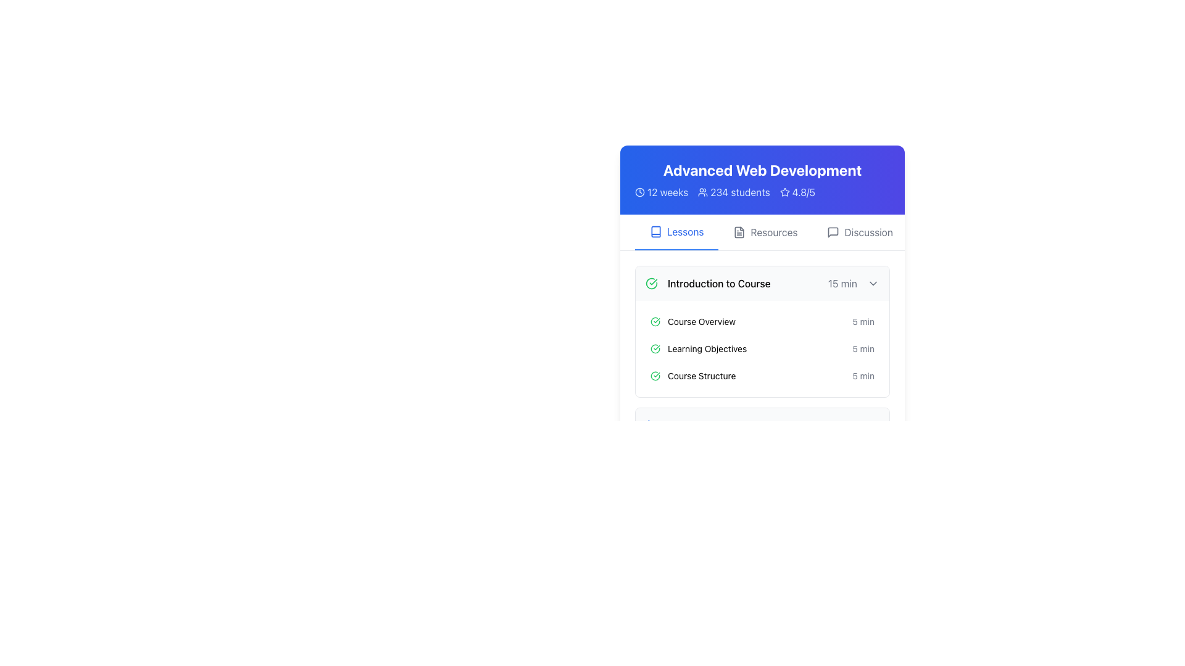  What do you see at coordinates (654, 349) in the screenshot?
I see `the green check mark SVG icon, which is styled as a circular icon with a thin border and signifies a positive status, located to the left of the text 'Learning Objectives'` at bounding box center [654, 349].